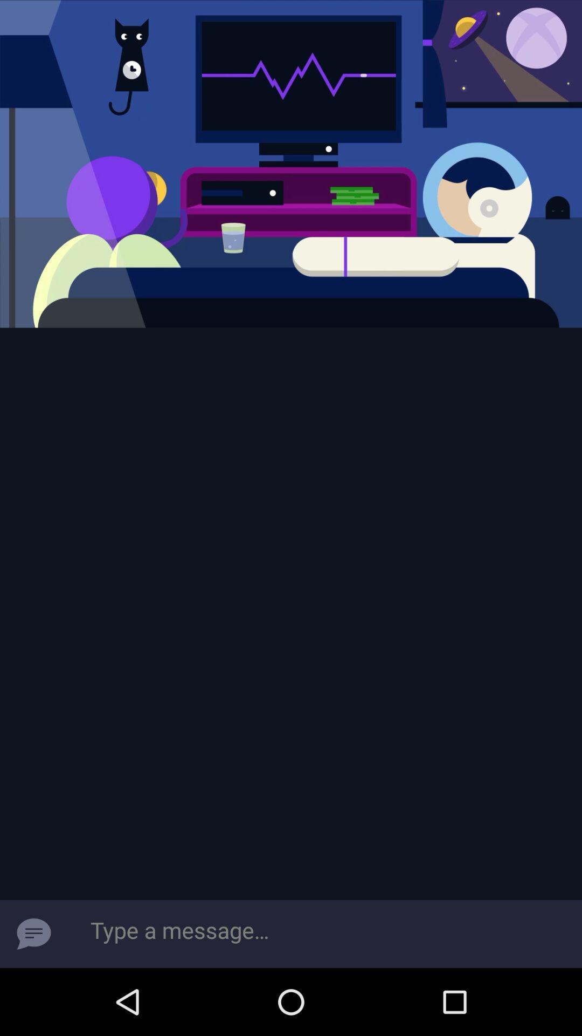  What do you see at coordinates (324, 933) in the screenshot?
I see `message field` at bounding box center [324, 933].